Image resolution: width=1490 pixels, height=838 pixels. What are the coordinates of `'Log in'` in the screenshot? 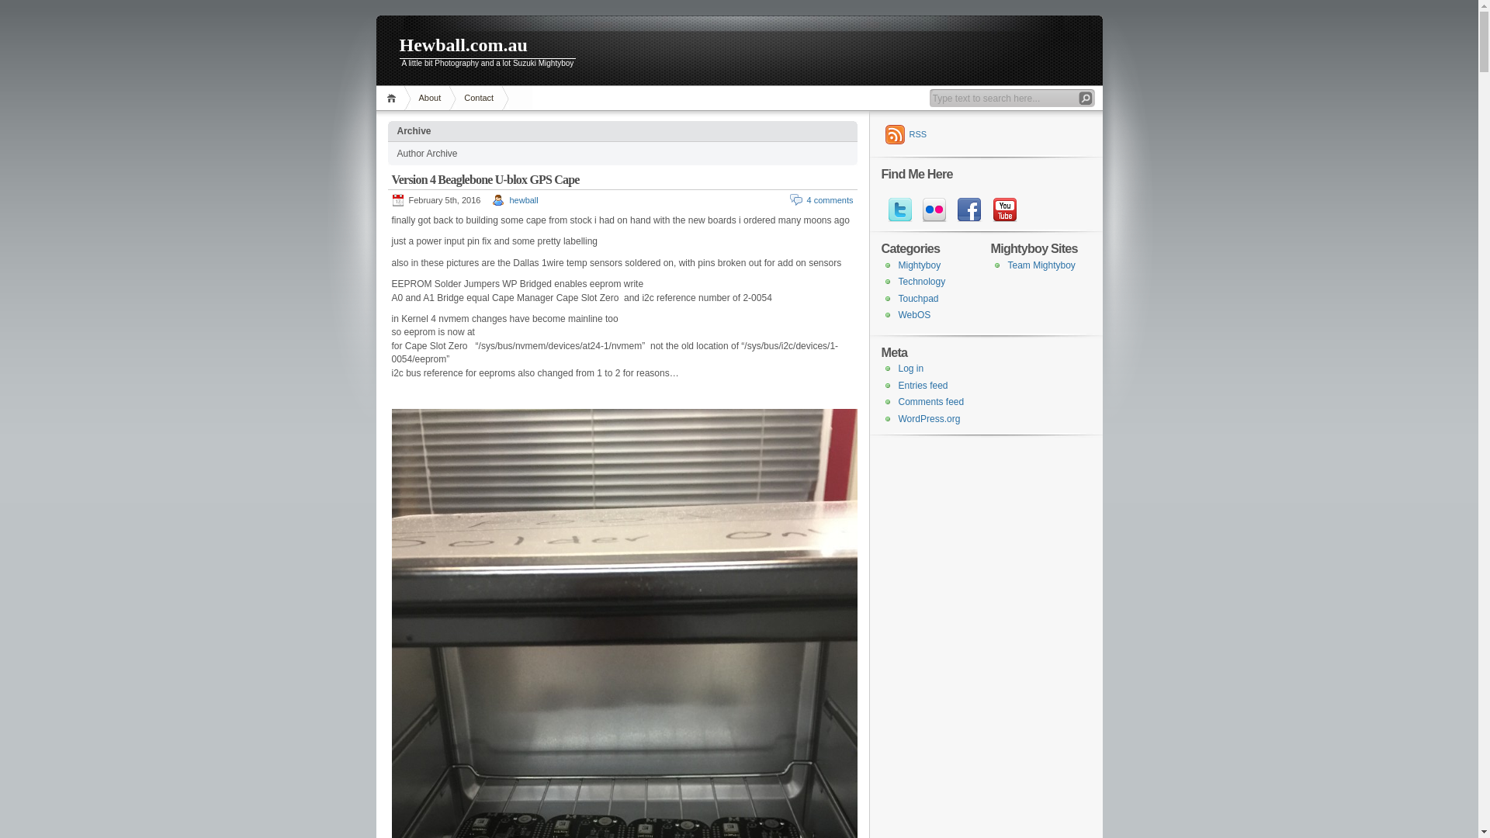 It's located at (911, 368).